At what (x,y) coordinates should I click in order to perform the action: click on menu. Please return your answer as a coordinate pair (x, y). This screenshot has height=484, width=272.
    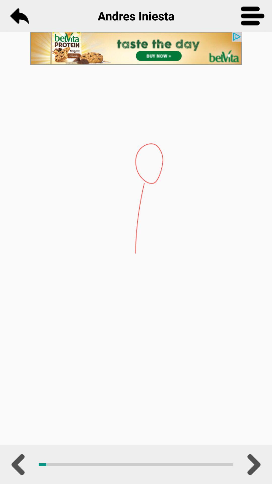
    Looking at the image, I should click on (253, 16).